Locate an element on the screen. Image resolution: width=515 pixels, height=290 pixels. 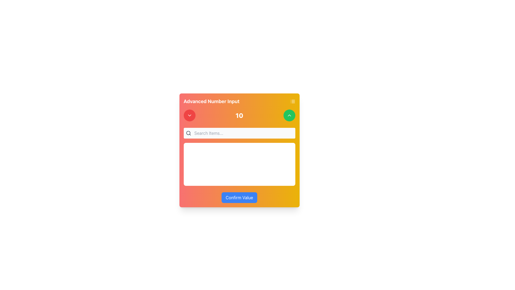
the scrollable white rectangular Scrollbox containing text items arranged vertically, to bring it into view is located at coordinates (239, 164).